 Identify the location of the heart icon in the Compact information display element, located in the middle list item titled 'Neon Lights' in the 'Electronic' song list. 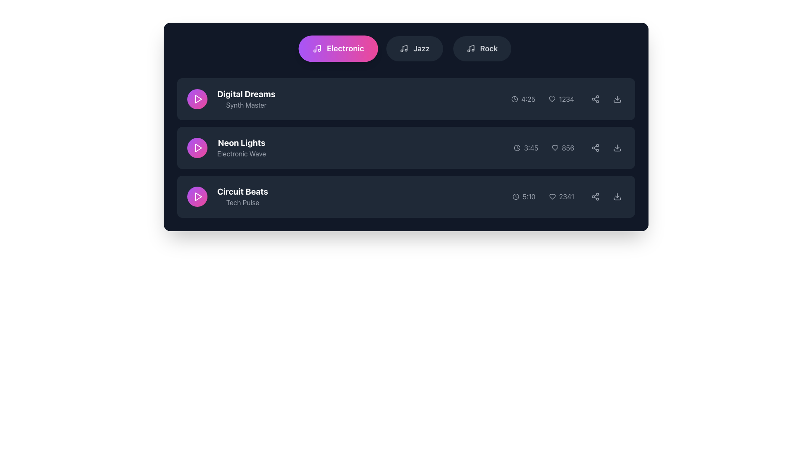
(569, 147).